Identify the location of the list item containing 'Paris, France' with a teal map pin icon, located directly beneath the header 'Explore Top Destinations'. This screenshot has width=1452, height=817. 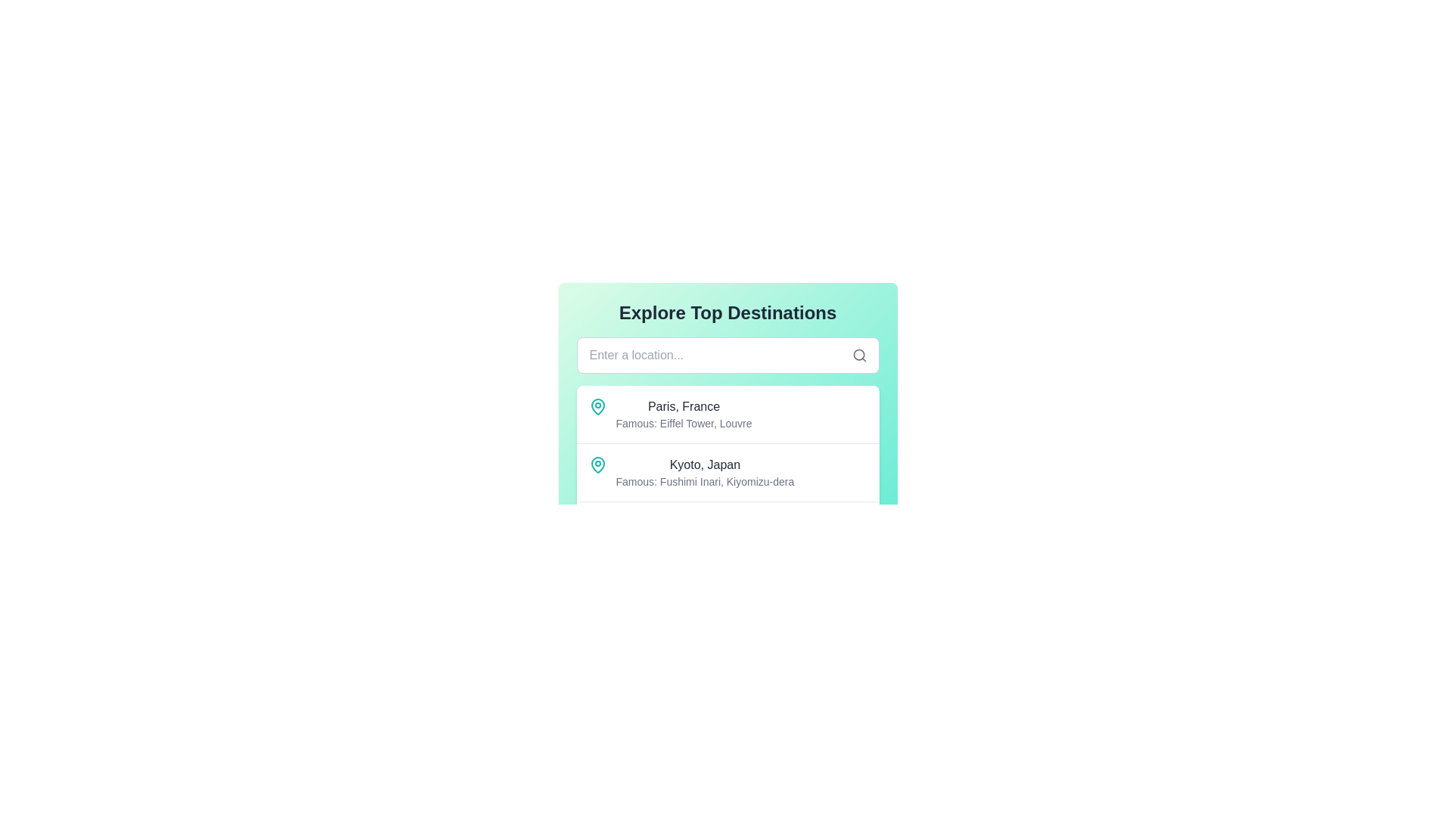
(728, 414).